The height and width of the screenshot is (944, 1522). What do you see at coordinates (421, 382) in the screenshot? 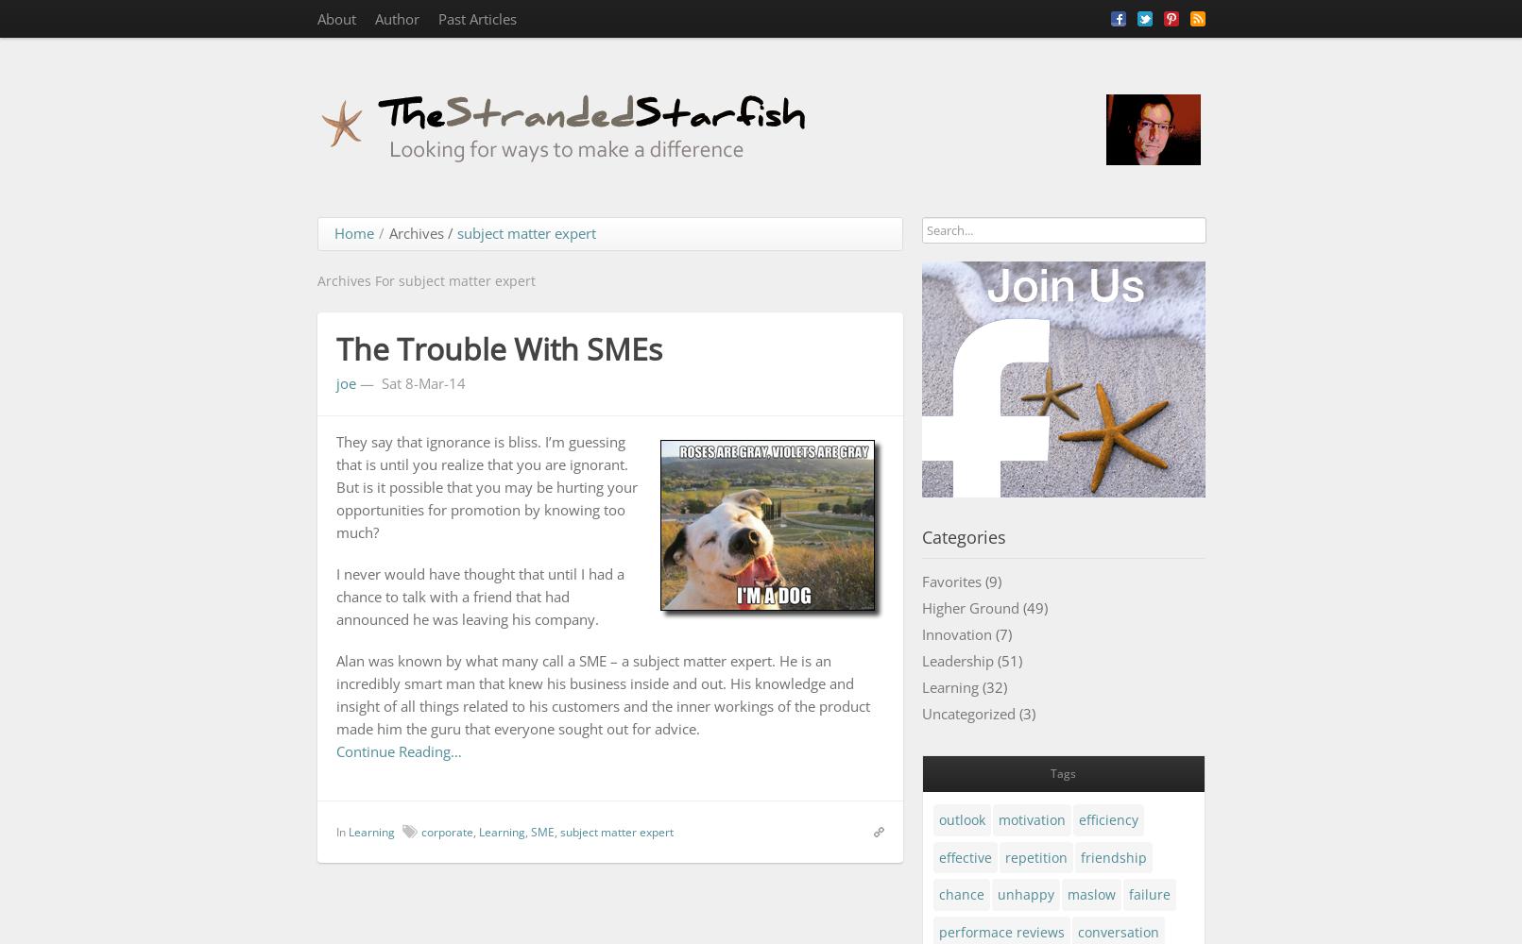
I see `'Sat 8-Mar-14'` at bounding box center [421, 382].